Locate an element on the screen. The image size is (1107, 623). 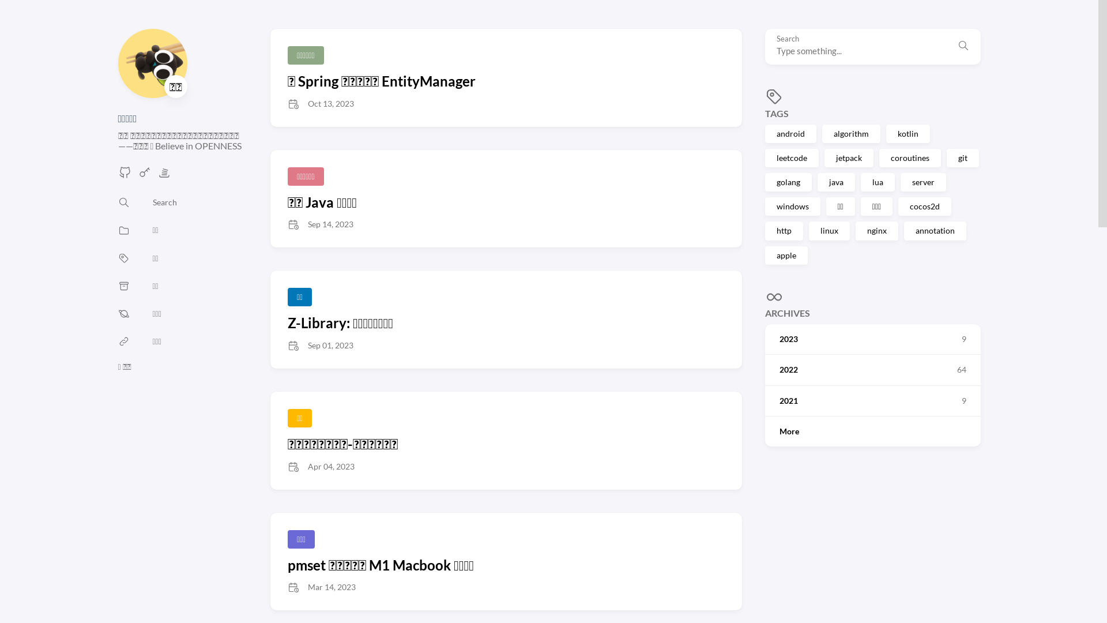
'cocos2d' is located at coordinates (898, 206).